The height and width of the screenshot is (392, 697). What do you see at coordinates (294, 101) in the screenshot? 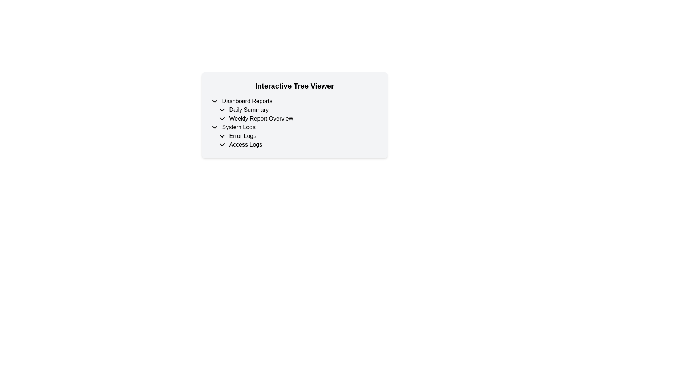
I see `the 'Dashboard Reports' collapsible menu item to check for the context menu` at bounding box center [294, 101].